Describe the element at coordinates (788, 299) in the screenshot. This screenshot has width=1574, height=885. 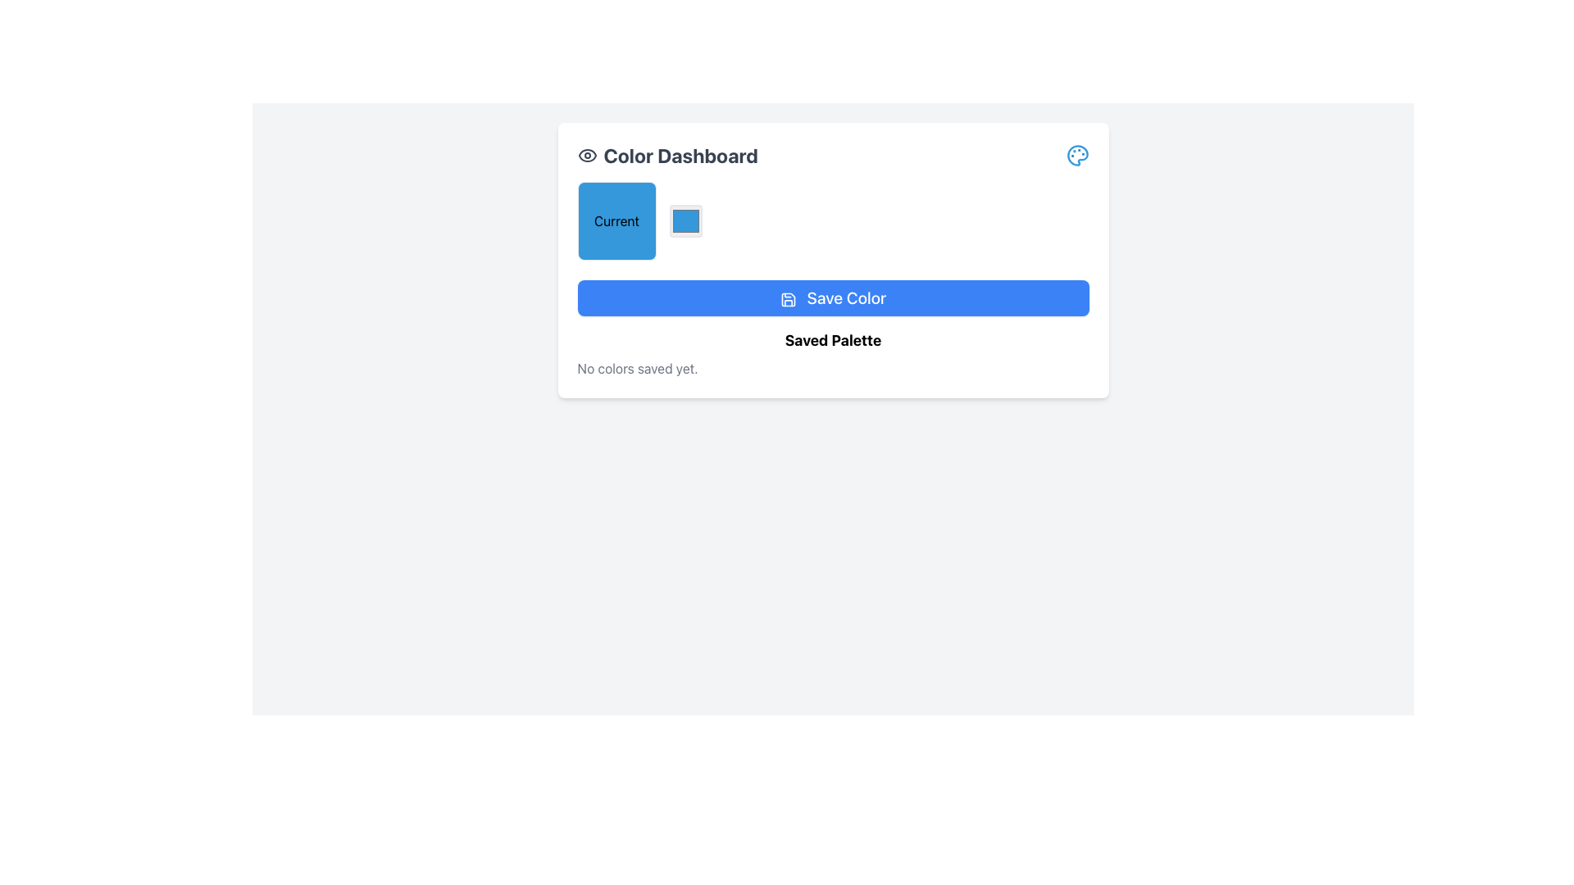
I see `the floppy disk icon located to the left of the 'Save Color' text within the rounded blue button` at that location.